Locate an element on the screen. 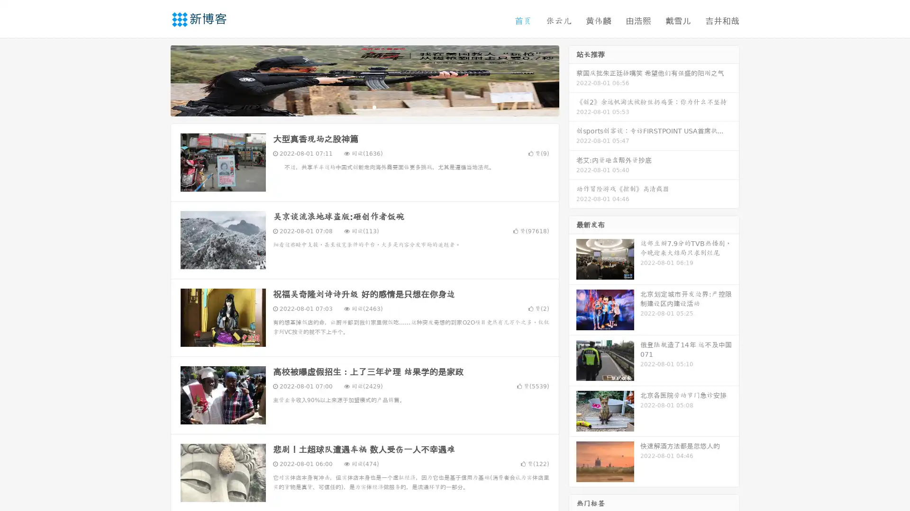 The width and height of the screenshot is (910, 511). Previous slide is located at coordinates (156, 79).